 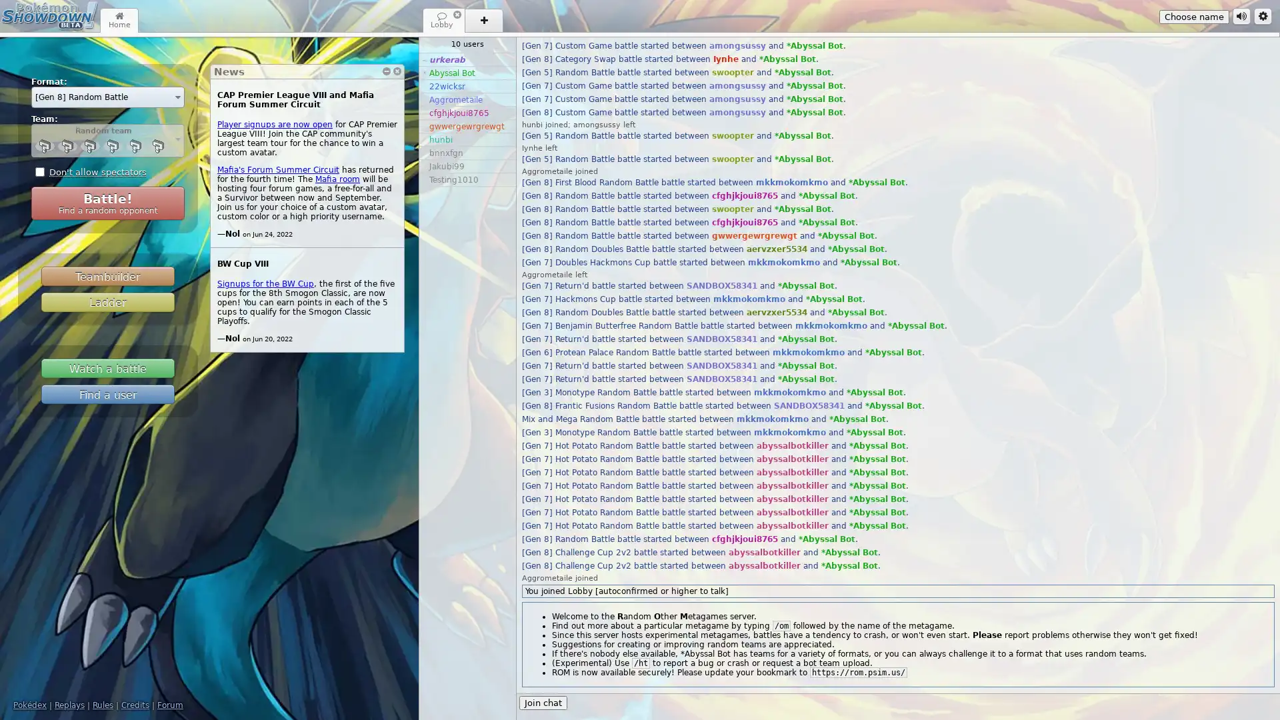 What do you see at coordinates (543, 702) in the screenshot?
I see `Join chat` at bounding box center [543, 702].